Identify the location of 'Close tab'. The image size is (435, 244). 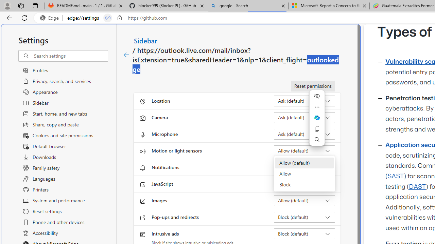
(364, 6).